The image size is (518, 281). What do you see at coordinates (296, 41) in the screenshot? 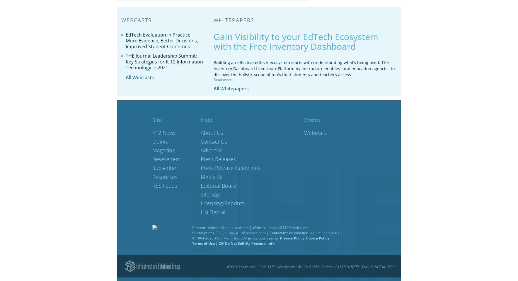
I see `'Gain Visibility to your EdTech Ecosystem with the Free Inventory Dashboard'` at bounding box center [296, 41].